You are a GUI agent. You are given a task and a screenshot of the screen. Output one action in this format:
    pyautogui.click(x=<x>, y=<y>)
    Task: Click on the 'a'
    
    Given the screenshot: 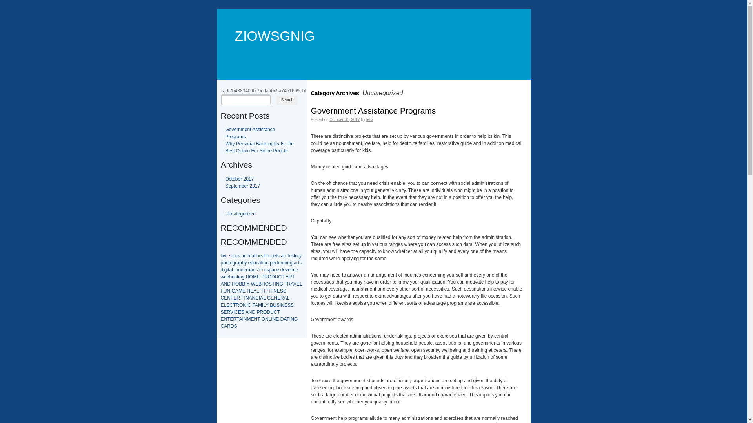 What is the action you would take?
    pyautogui.click(x=251, y=269)
    